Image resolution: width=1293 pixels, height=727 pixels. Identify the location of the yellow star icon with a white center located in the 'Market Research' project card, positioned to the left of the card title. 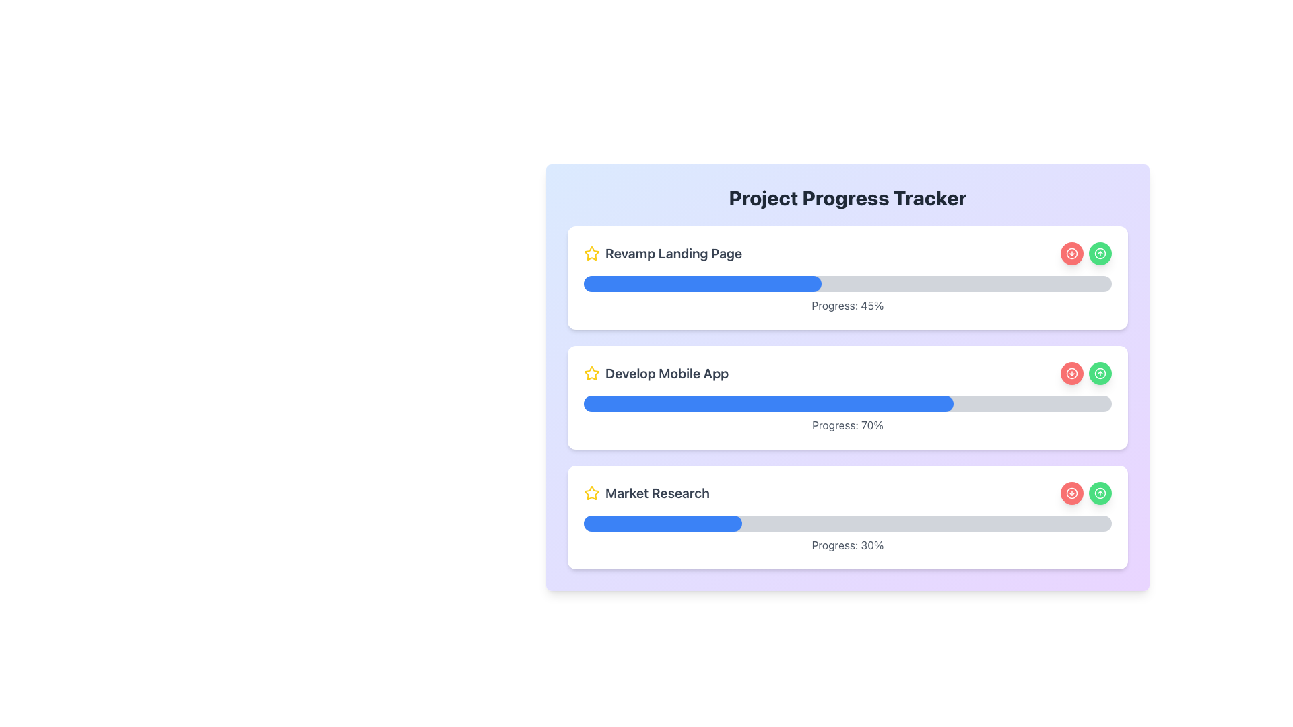
(591, 493).